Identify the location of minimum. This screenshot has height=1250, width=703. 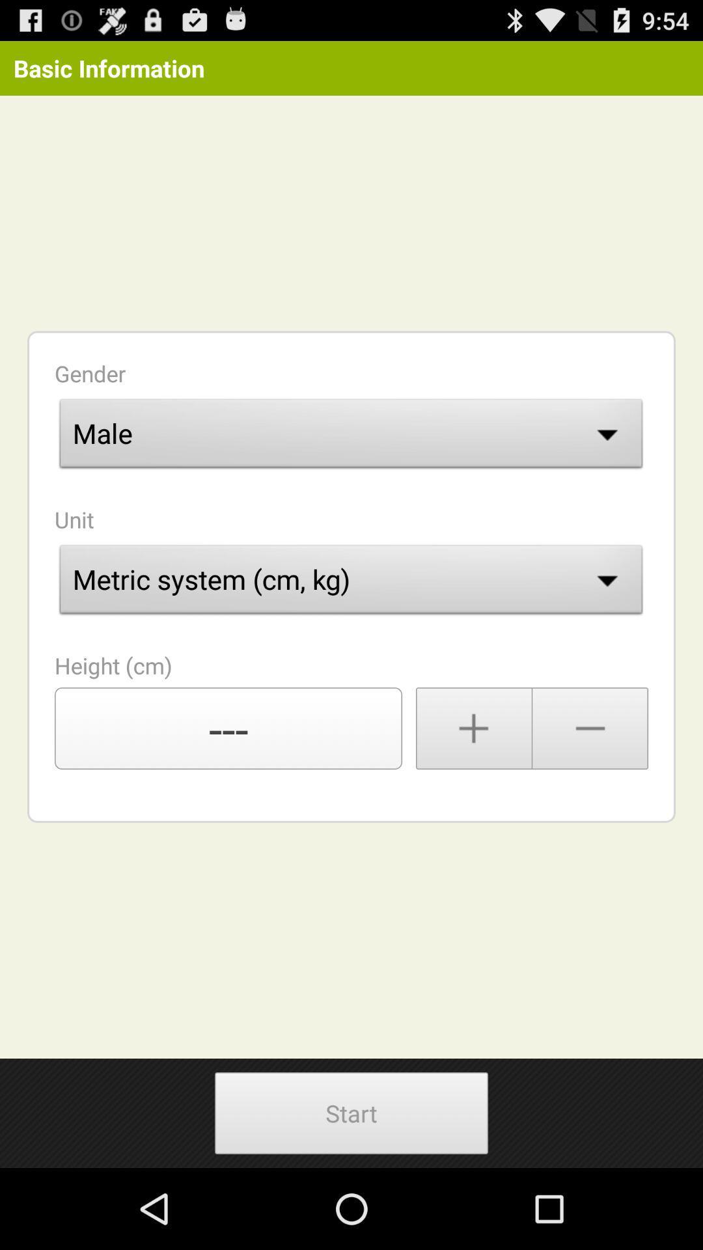
(590, 727).